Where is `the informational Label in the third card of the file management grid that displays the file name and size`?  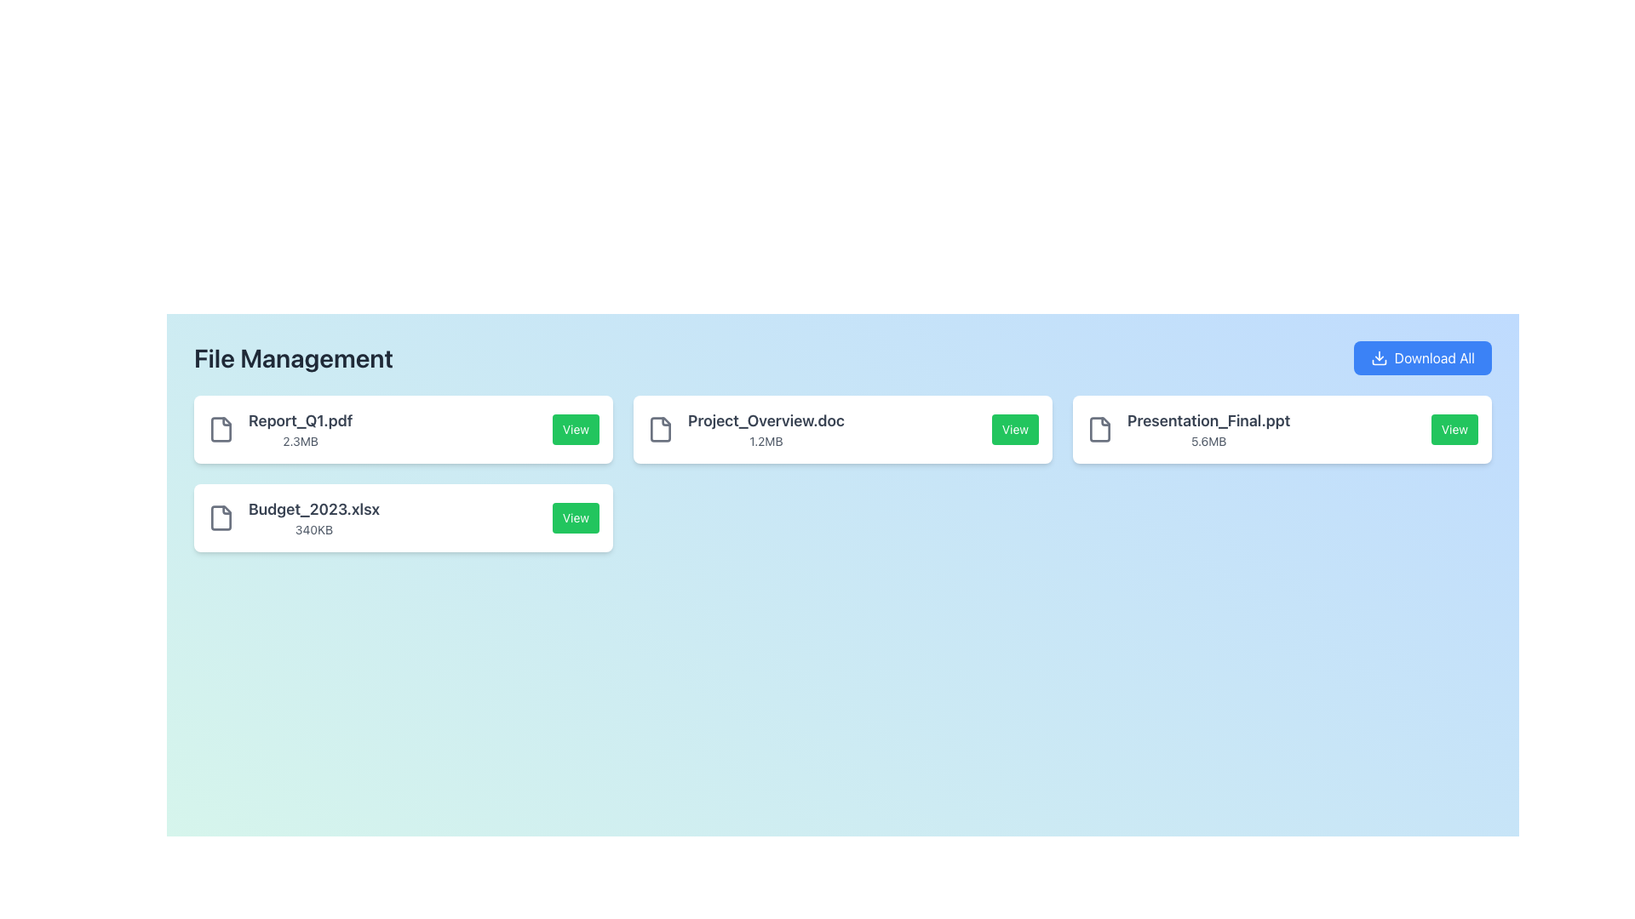 the informational Label in the third card of the file management grid that displays the file name and size is located at coordinates (765, 429).